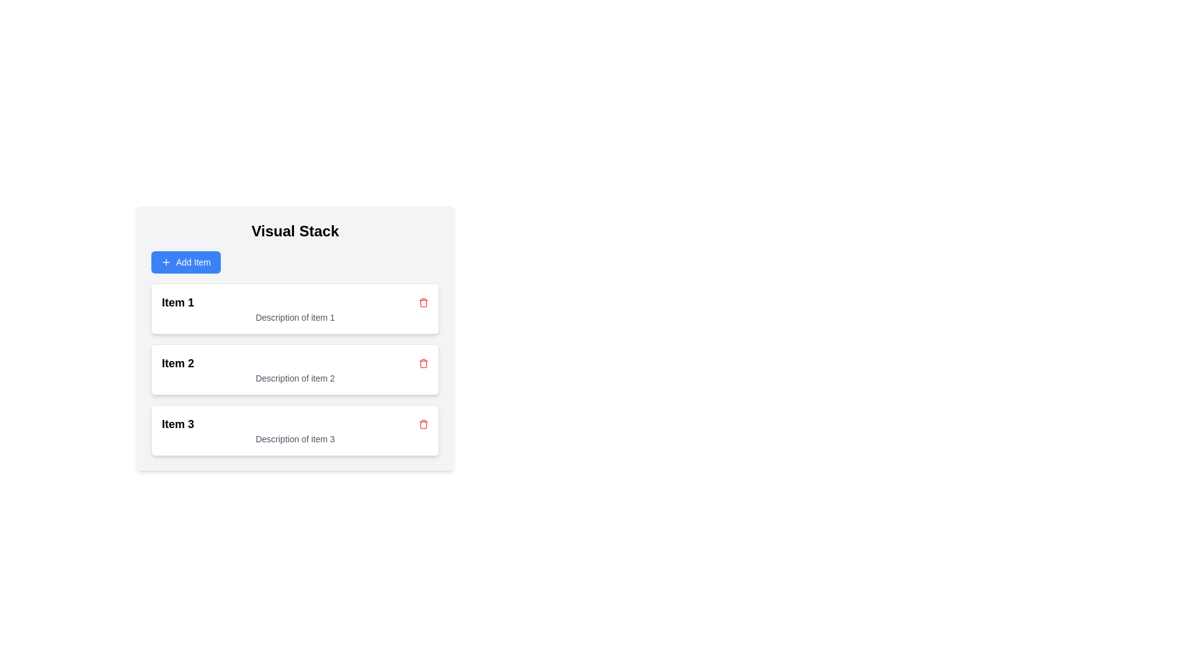 This screenshot has height=670, width=1191. What do you see at coordinates (294, 377) in the screenshot?
I see `supplementary text label providing information for 'Item 2' located centrally below its title` at bounding box center [294, 377].